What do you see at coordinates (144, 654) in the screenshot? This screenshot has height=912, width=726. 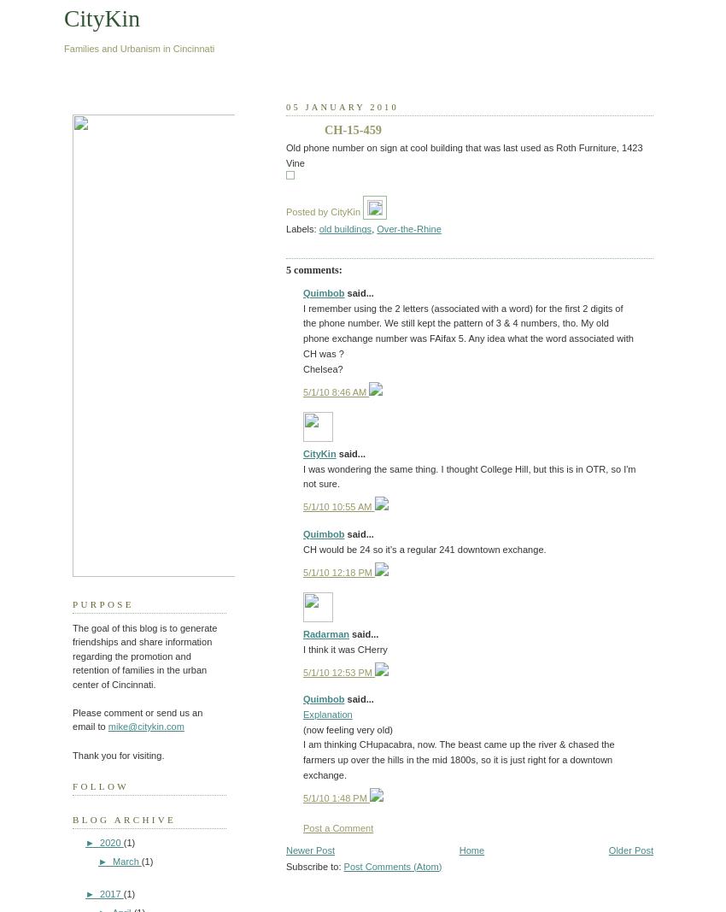 I see `'The goal of this blog is to generate friendships and share information regarding the promotion and retention of families in the urban center of Cincinnati.'` at bounding box center [144, 654].